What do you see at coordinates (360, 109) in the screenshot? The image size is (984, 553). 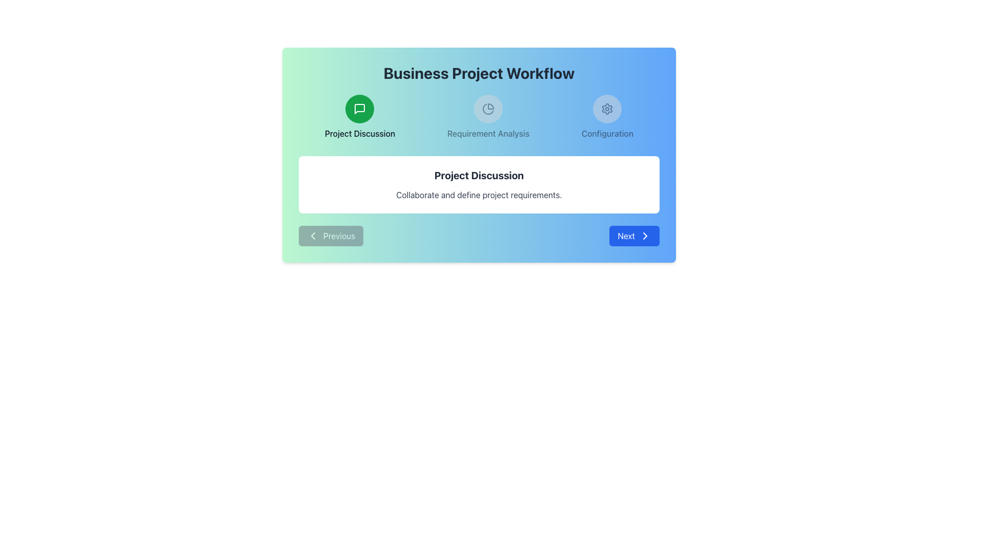 I see `the rounded square speech bubble icon within the green circular background` at bounding box center [360, 109].